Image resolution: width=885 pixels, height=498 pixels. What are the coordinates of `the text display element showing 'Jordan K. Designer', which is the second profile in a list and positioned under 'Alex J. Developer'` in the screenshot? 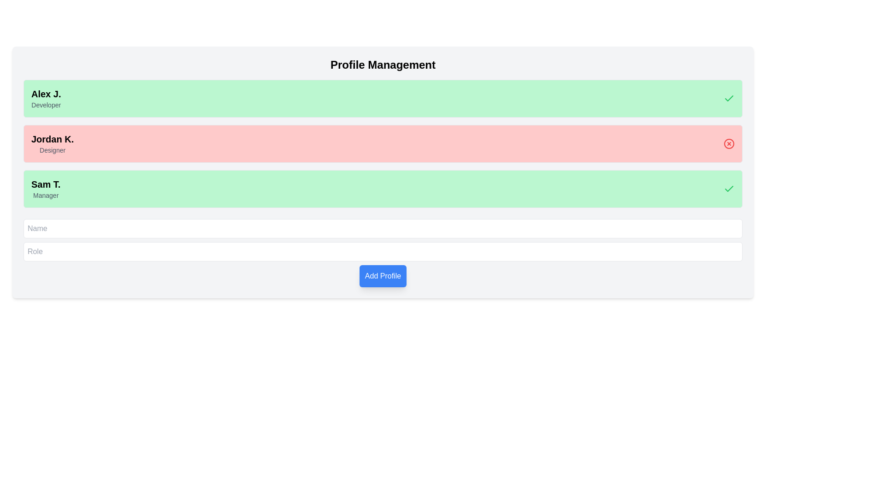 It's located at (52, 144).